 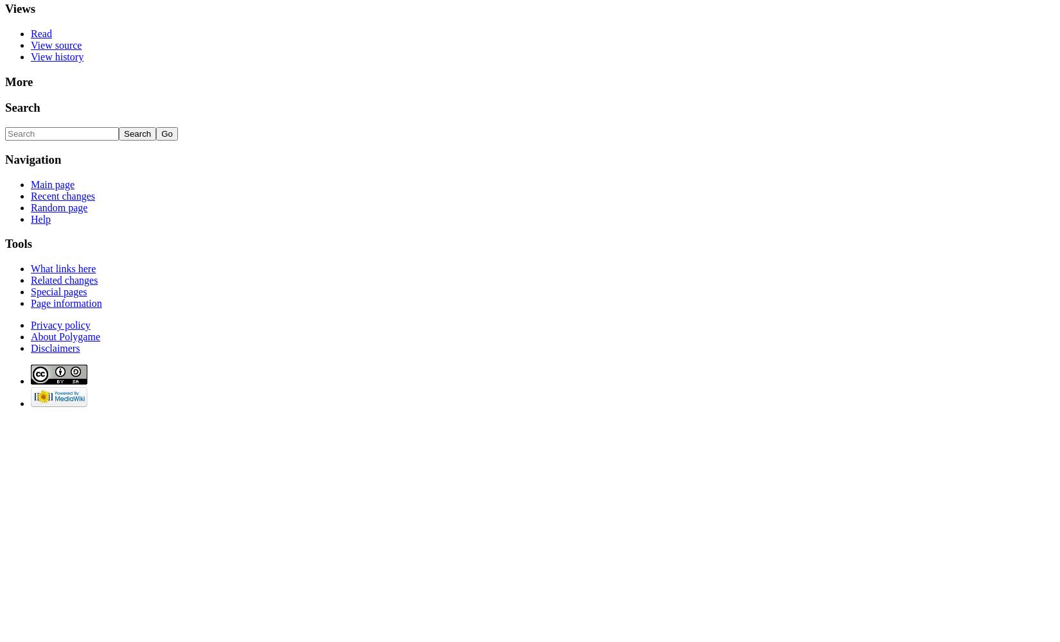 I want to click on 'View history', so click(x=57, y=56).